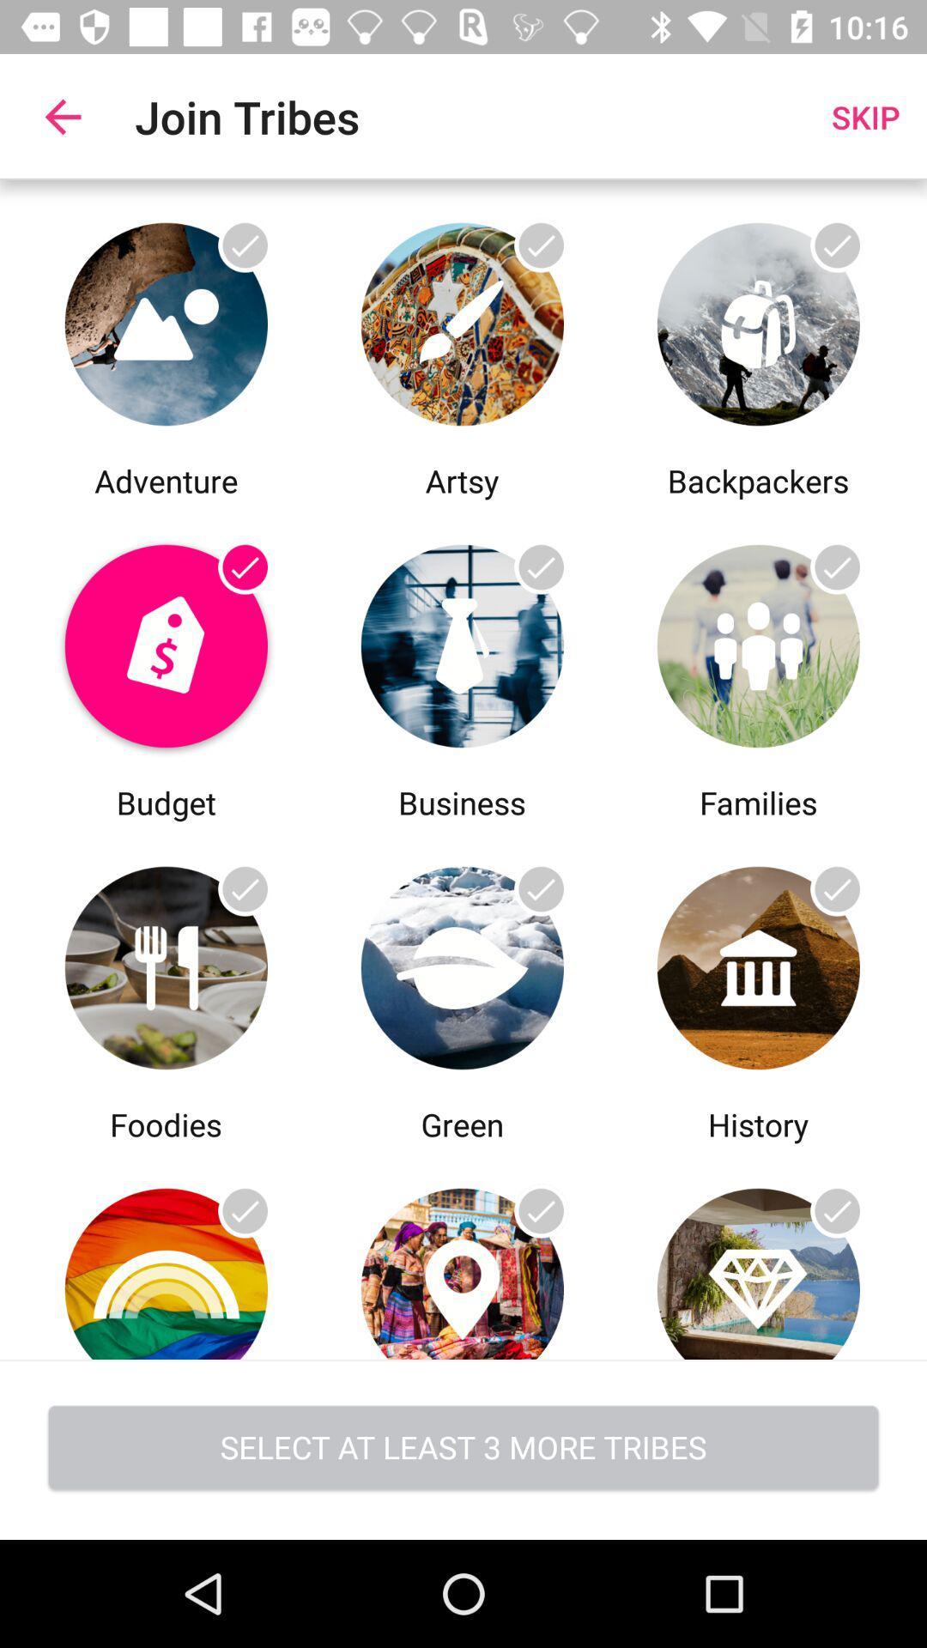 The image size is (927, 1648). I want to click on app next to join tribes, so click(62, 116).